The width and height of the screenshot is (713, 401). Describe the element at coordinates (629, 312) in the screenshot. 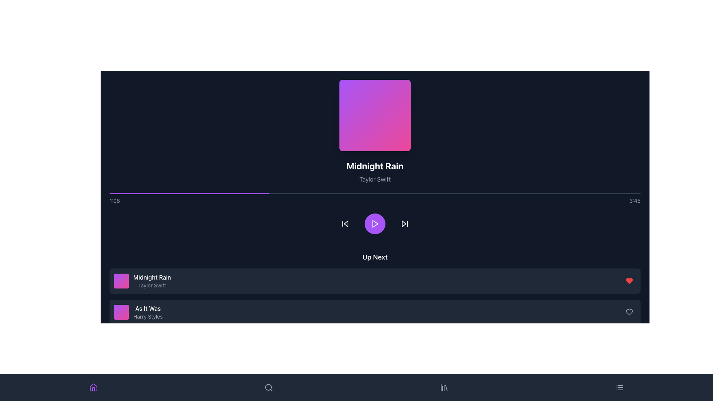

I see `the outlined heart-shaped icon in light gray color, located at the bottom right side of the 'As It Was' by 'Harry Styles' list item` at that location.